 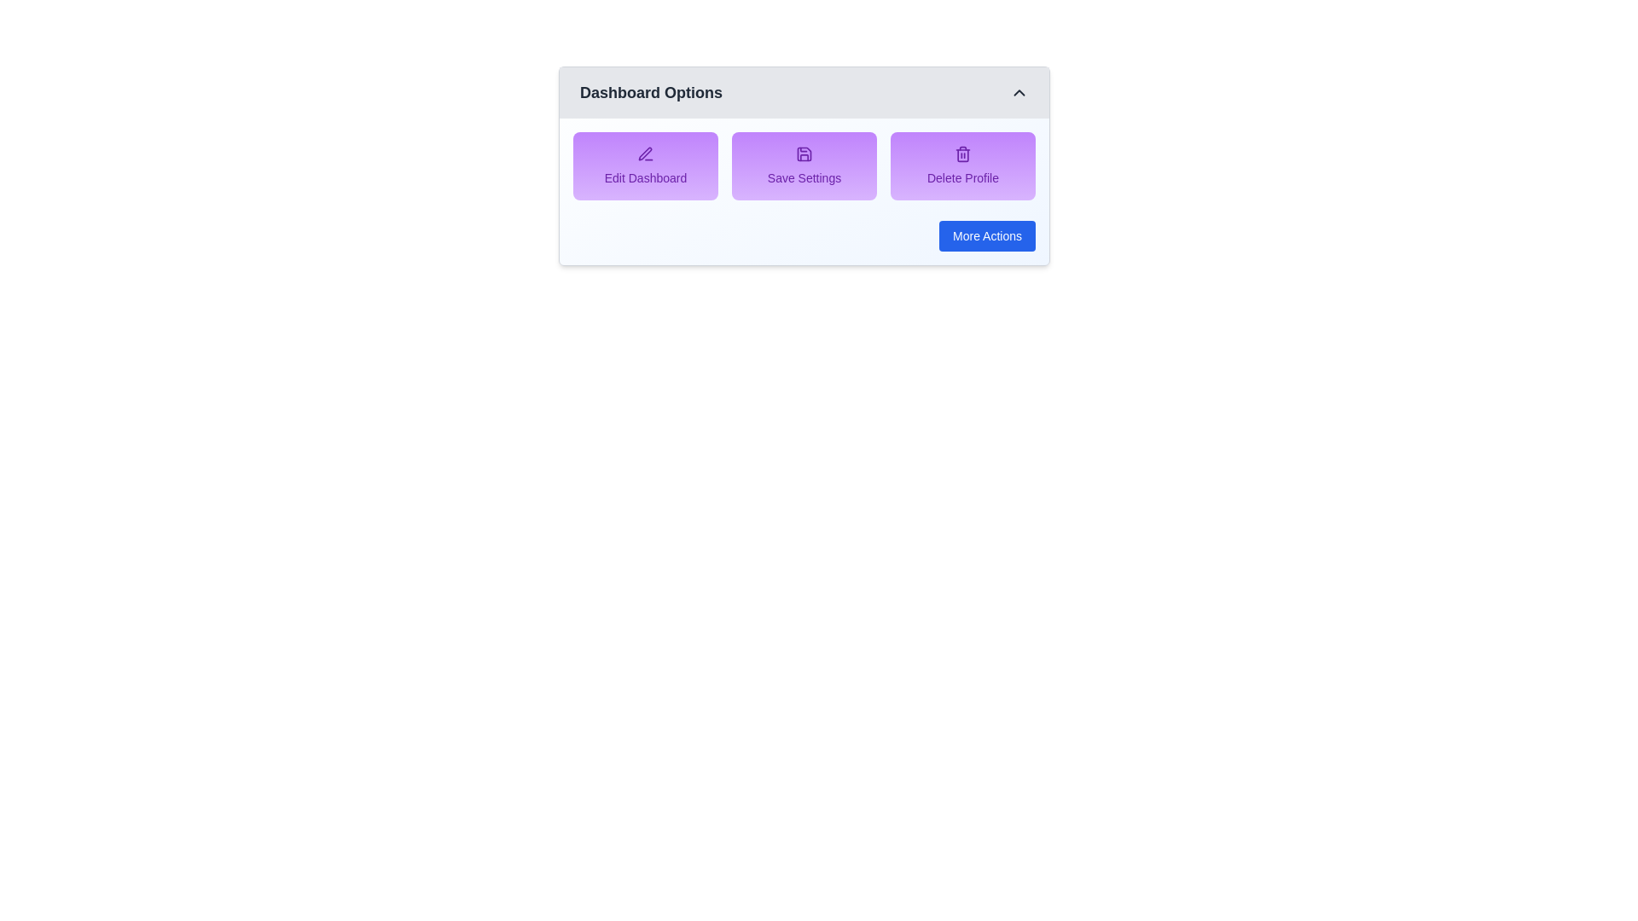 What do you see at coordinates (987, 236) in the screenshot?
I see `the 'More Actions' button to trigger its associated functionality` at bounding box center [987, 236].